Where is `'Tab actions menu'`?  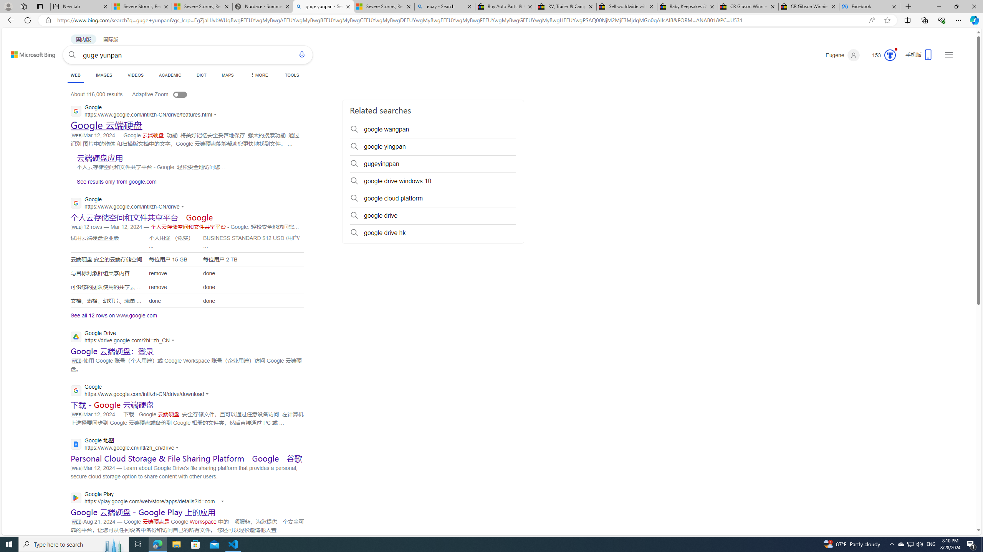 'Tab actions menu' is located at coordinates (39, 6).